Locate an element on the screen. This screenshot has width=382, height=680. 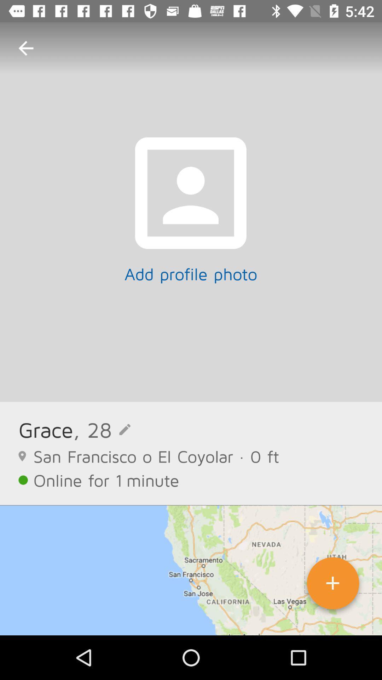
the icon at the top left corner is located at coordinates (25, 48).